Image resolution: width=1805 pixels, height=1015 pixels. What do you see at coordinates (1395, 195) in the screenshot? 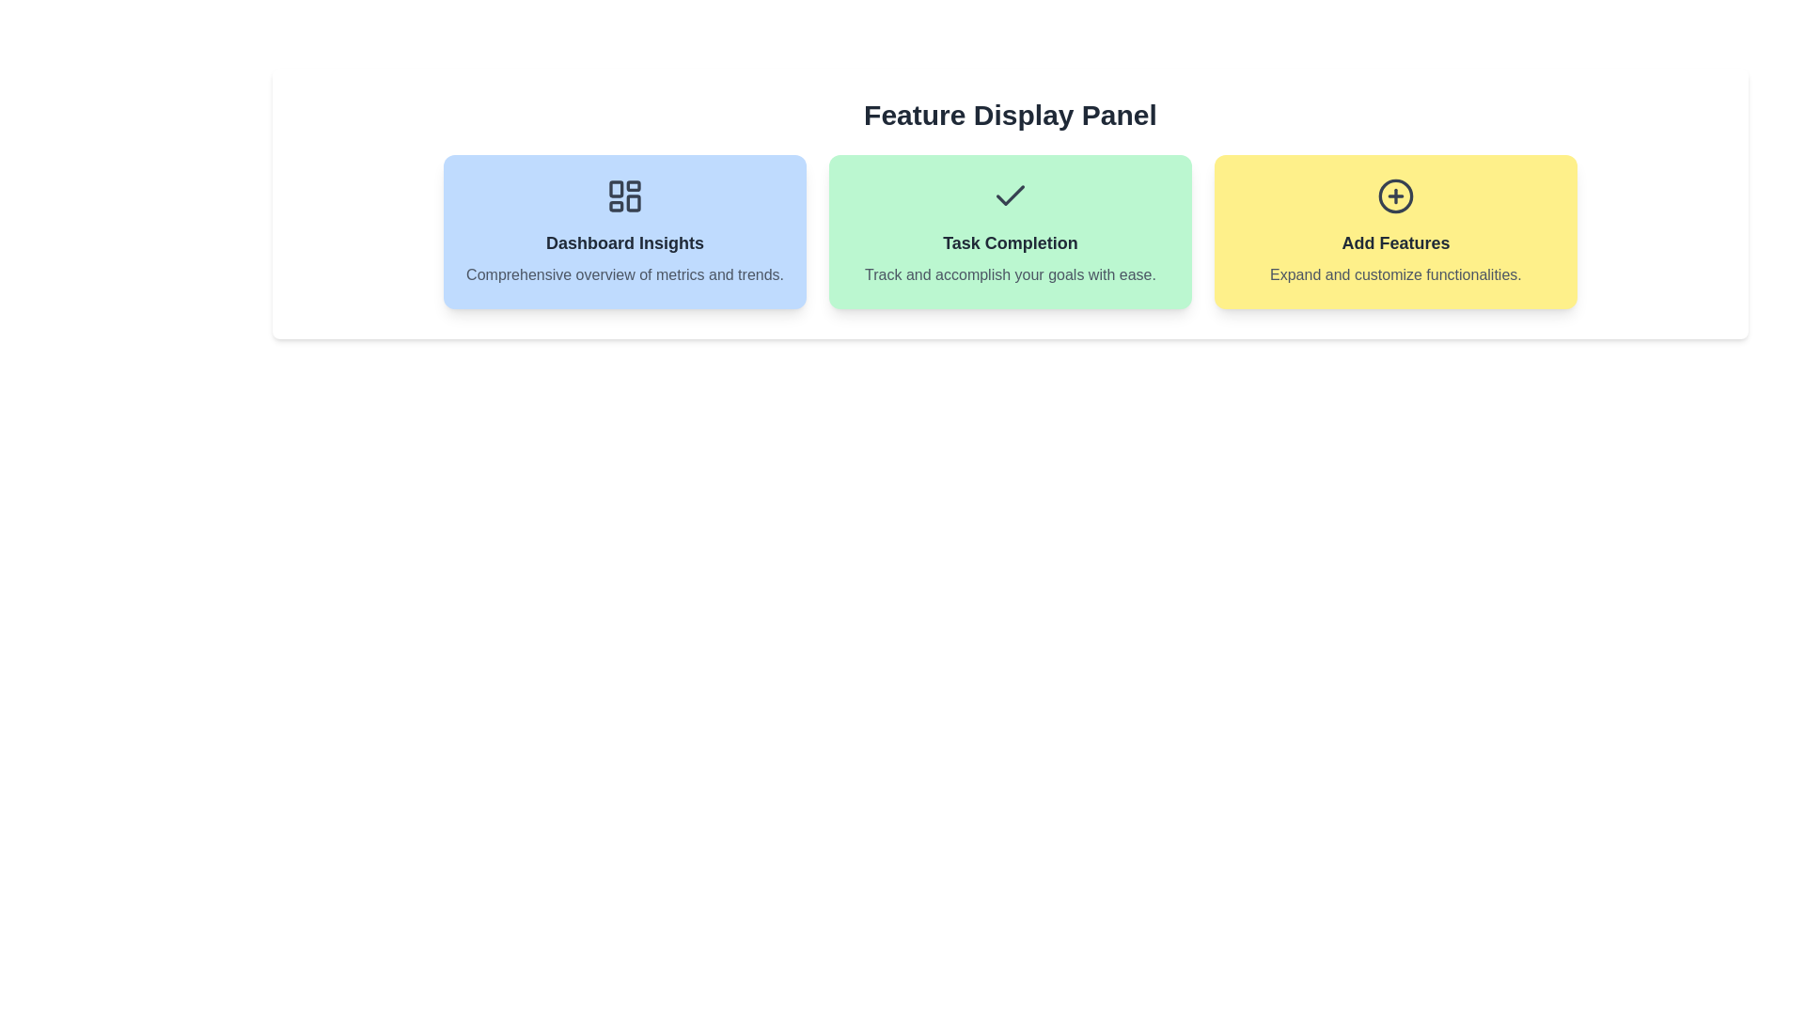
I see `the plus sign icon located at the top-center of the rightmost card with a light yellow background titled 'Add Features'` at bounding box center [1395, 195].